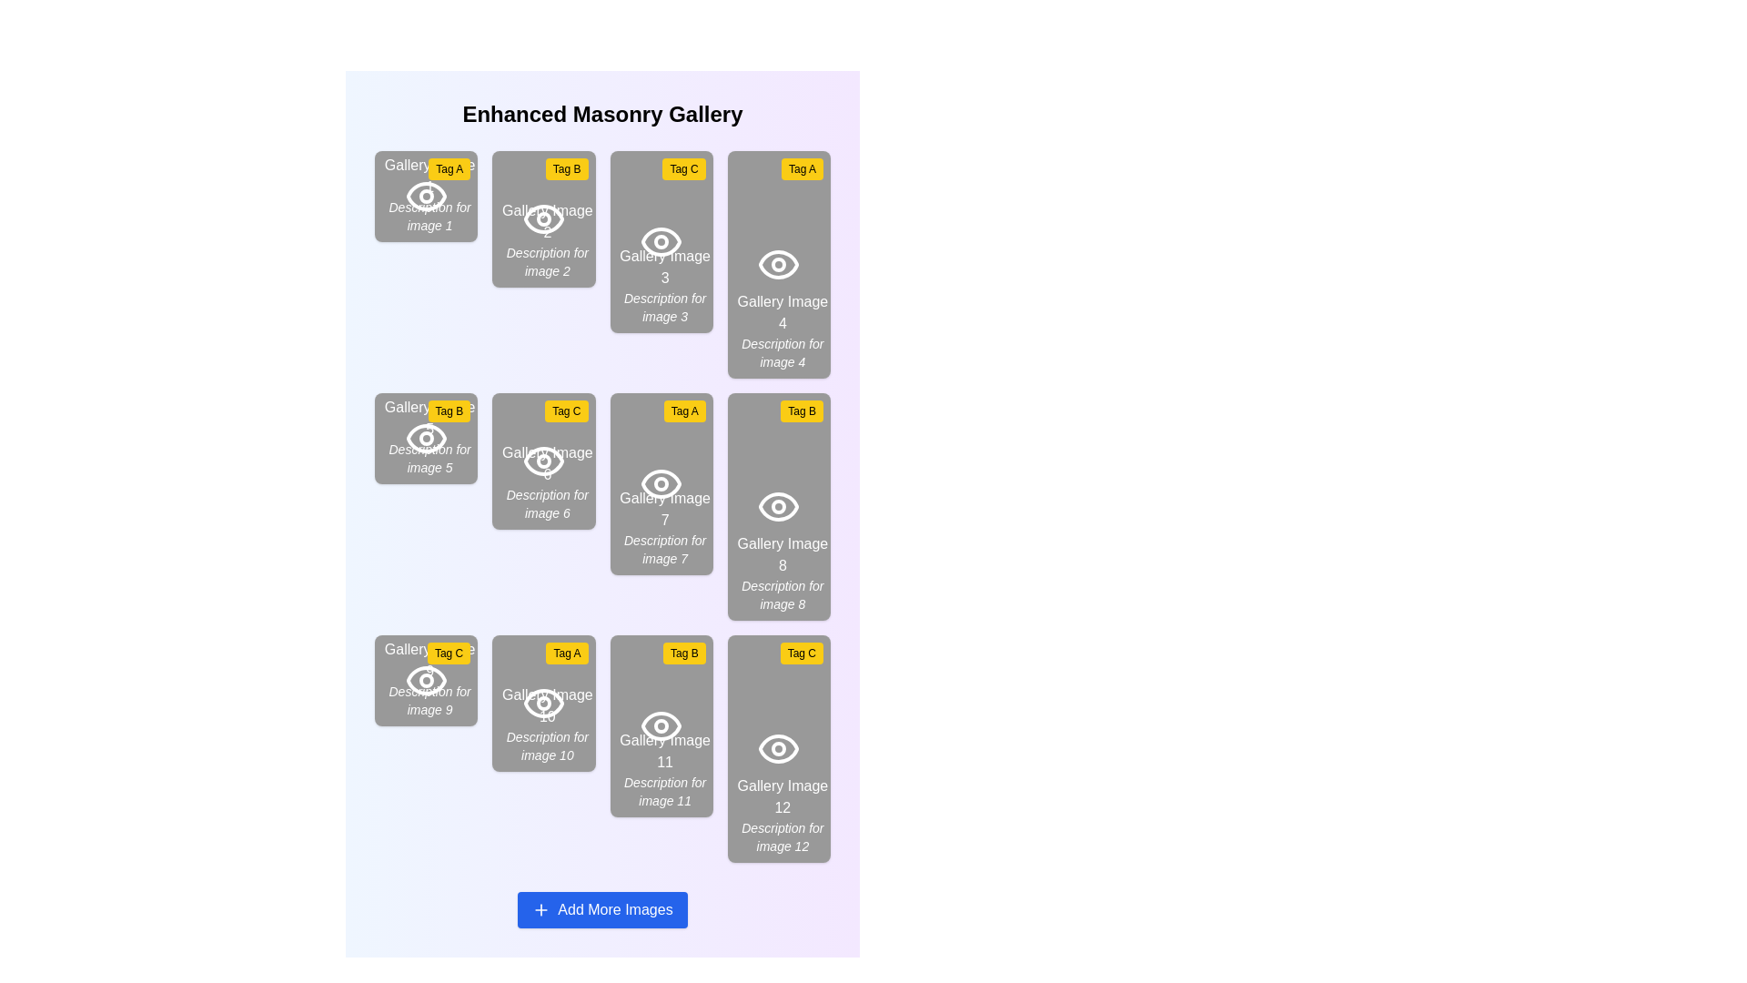 This screenshot has height=983, width=1747. I want to click on the 'eye' icon located in the eighth card of the masonry gallery layout, labeled 'Gallery Image 8', for its visual representation, so click(779, 506).